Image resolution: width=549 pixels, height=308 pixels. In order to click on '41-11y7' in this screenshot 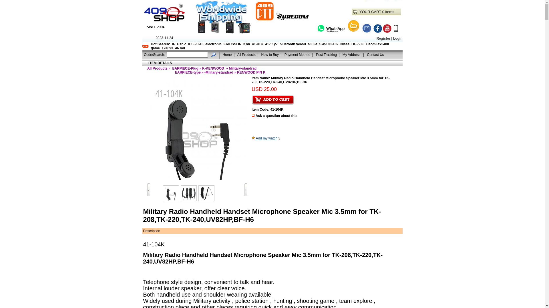, I will do `click(271, 44)`.